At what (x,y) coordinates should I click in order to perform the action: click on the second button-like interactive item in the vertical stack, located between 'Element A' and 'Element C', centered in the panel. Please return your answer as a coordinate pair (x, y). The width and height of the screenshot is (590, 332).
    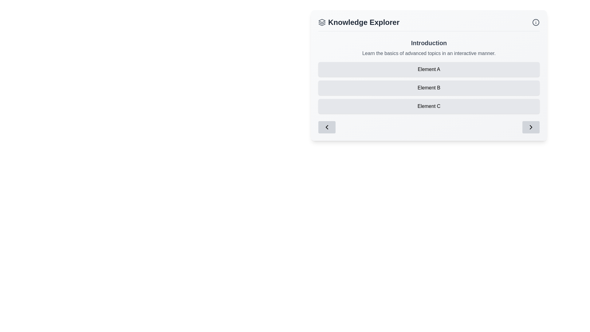
    Looking at the image, I should click on (429, 88).